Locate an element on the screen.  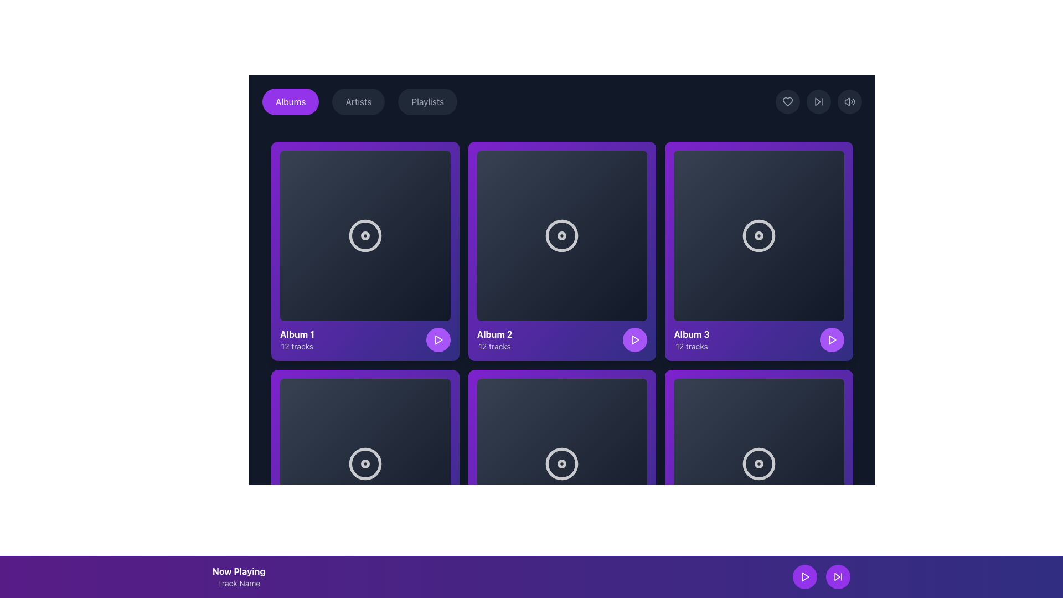
the circular button with a purple background and a play icon at its center, located in the bottom-right corner of the card labeled 'Album 1', to play the album content is located at coordinates (437, 339).